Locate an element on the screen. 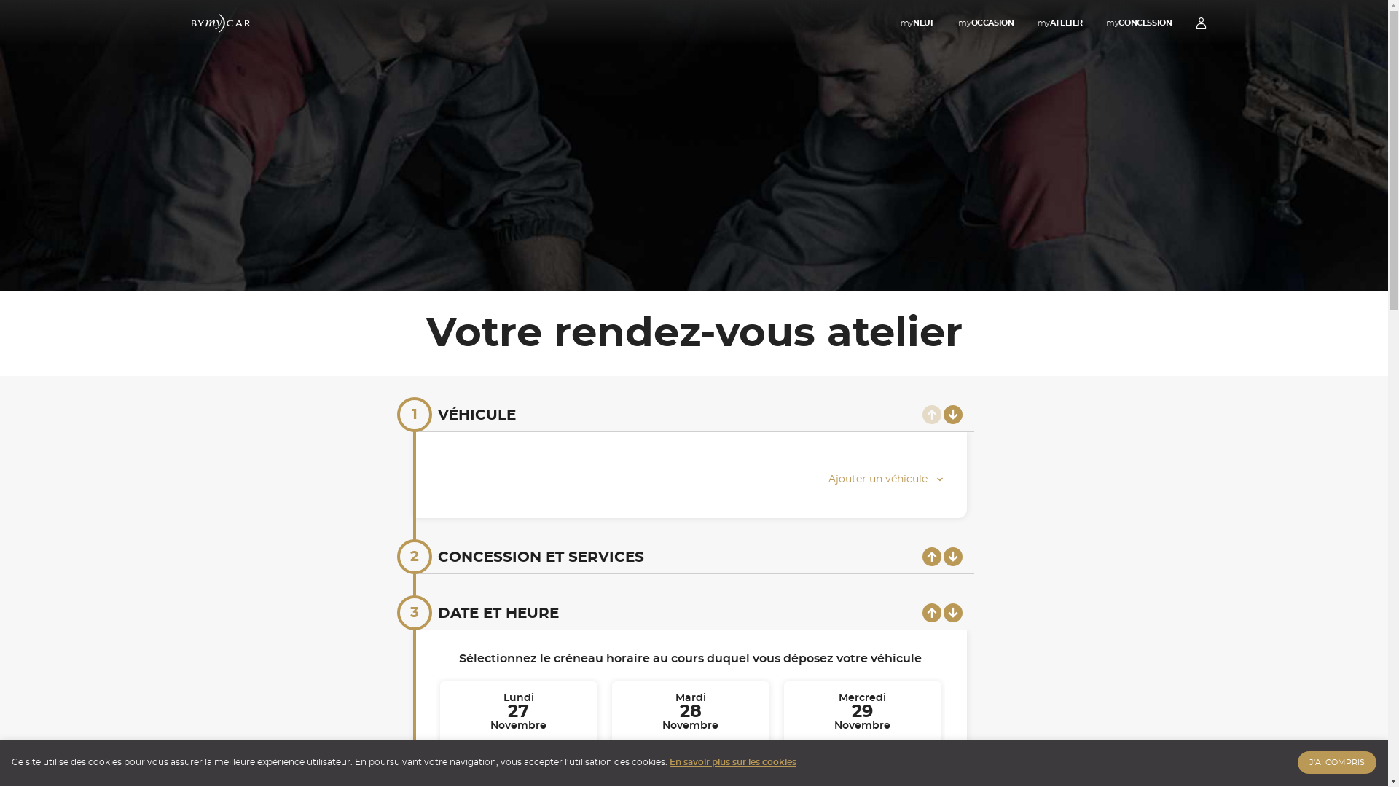 Image resolution: width=1399 pixels, height=787 pixels. 'En savoir plus sur les cookies' is located at coordinates (733, 761).